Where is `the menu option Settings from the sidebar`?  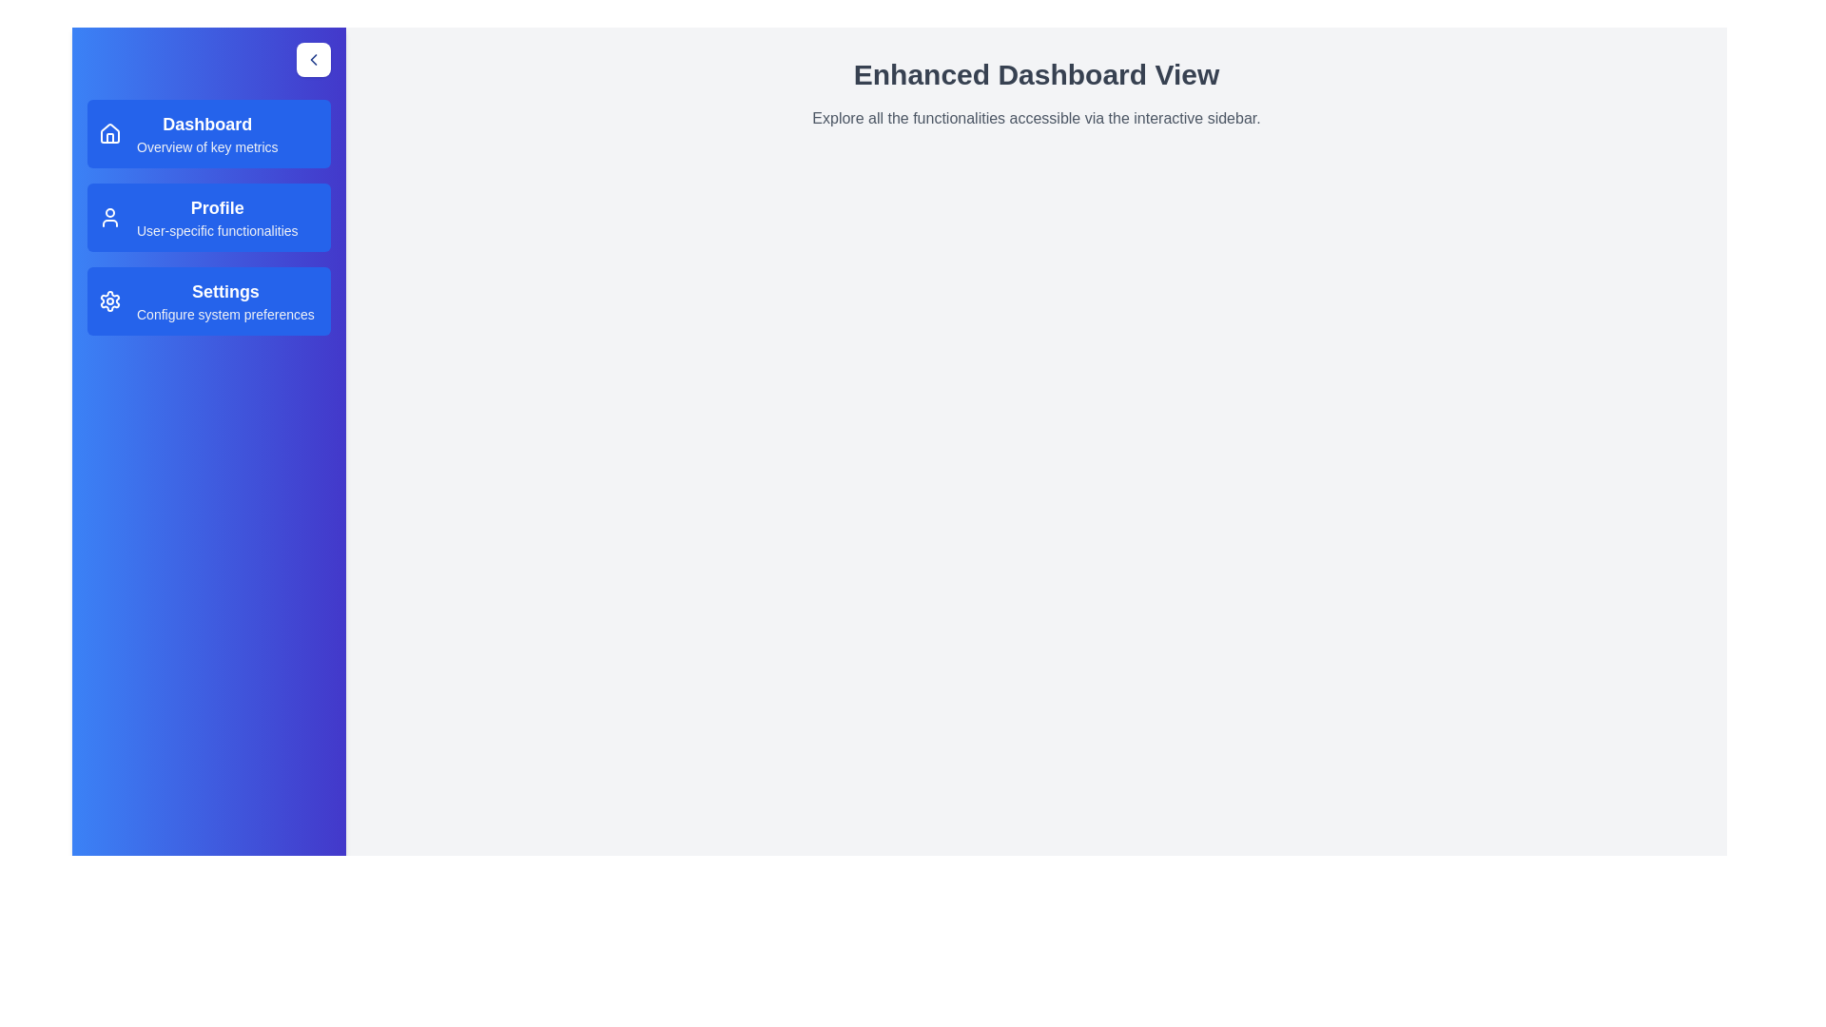
the menu option Settings from the sidebar is located at coordinates (209, 300).